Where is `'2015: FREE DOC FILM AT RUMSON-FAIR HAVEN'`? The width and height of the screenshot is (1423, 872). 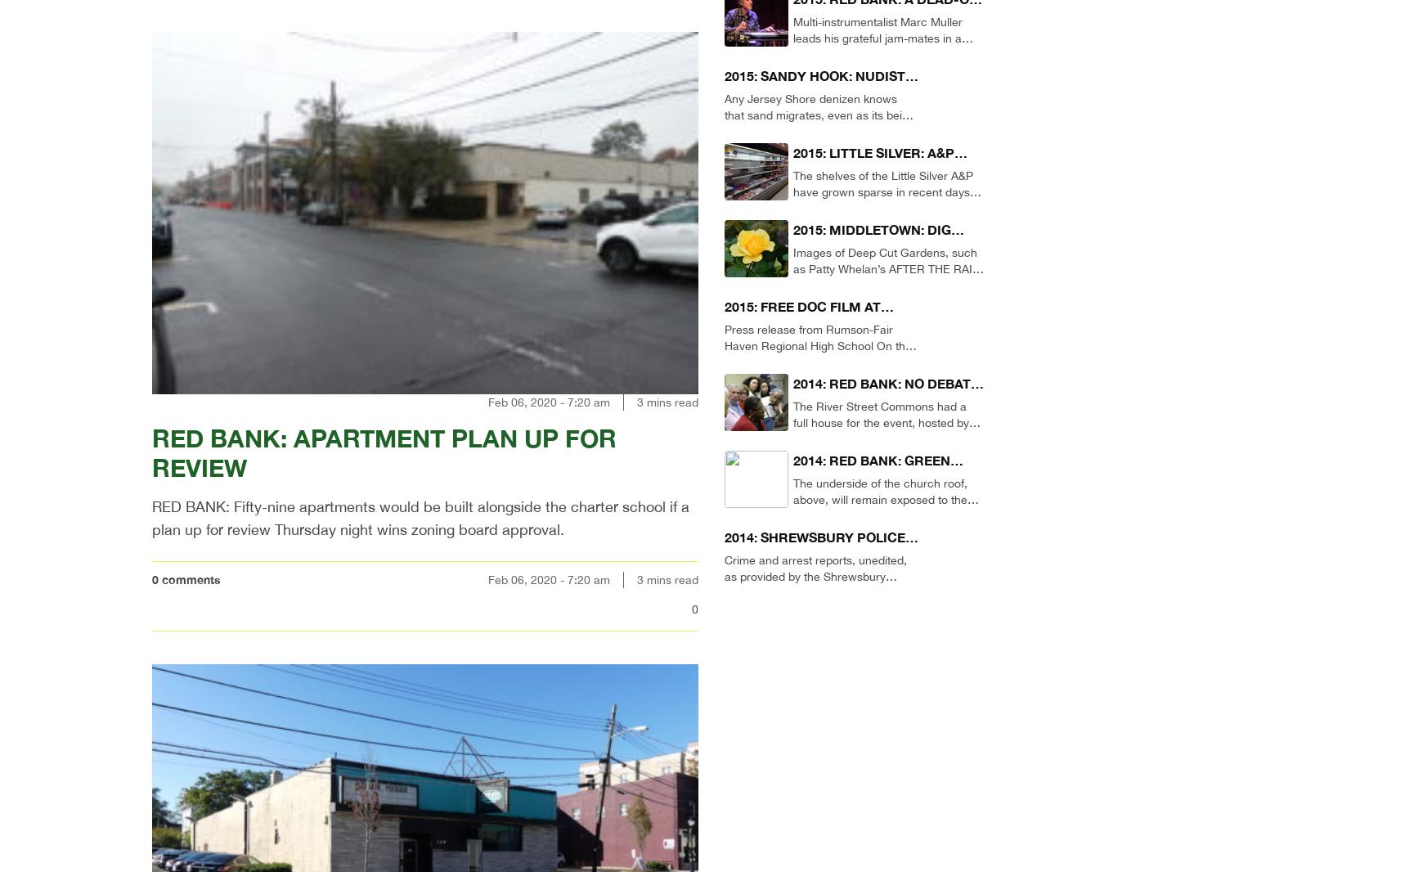 '2015: FREE DOC FILM AT RUMSON-FAIR HAVEN' is located at coordinates (724, 316).